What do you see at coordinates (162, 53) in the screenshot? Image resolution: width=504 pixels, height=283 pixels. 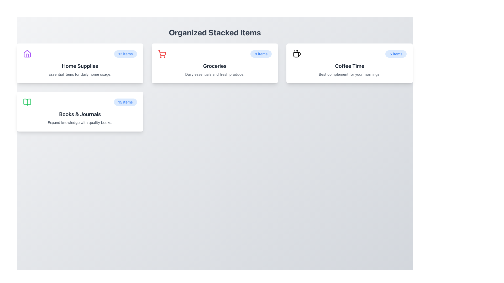 I see `the shopping cart vector graphic in the SVG icon located above the 'Groceries' text for interactions` at bounding box center [162, 53].